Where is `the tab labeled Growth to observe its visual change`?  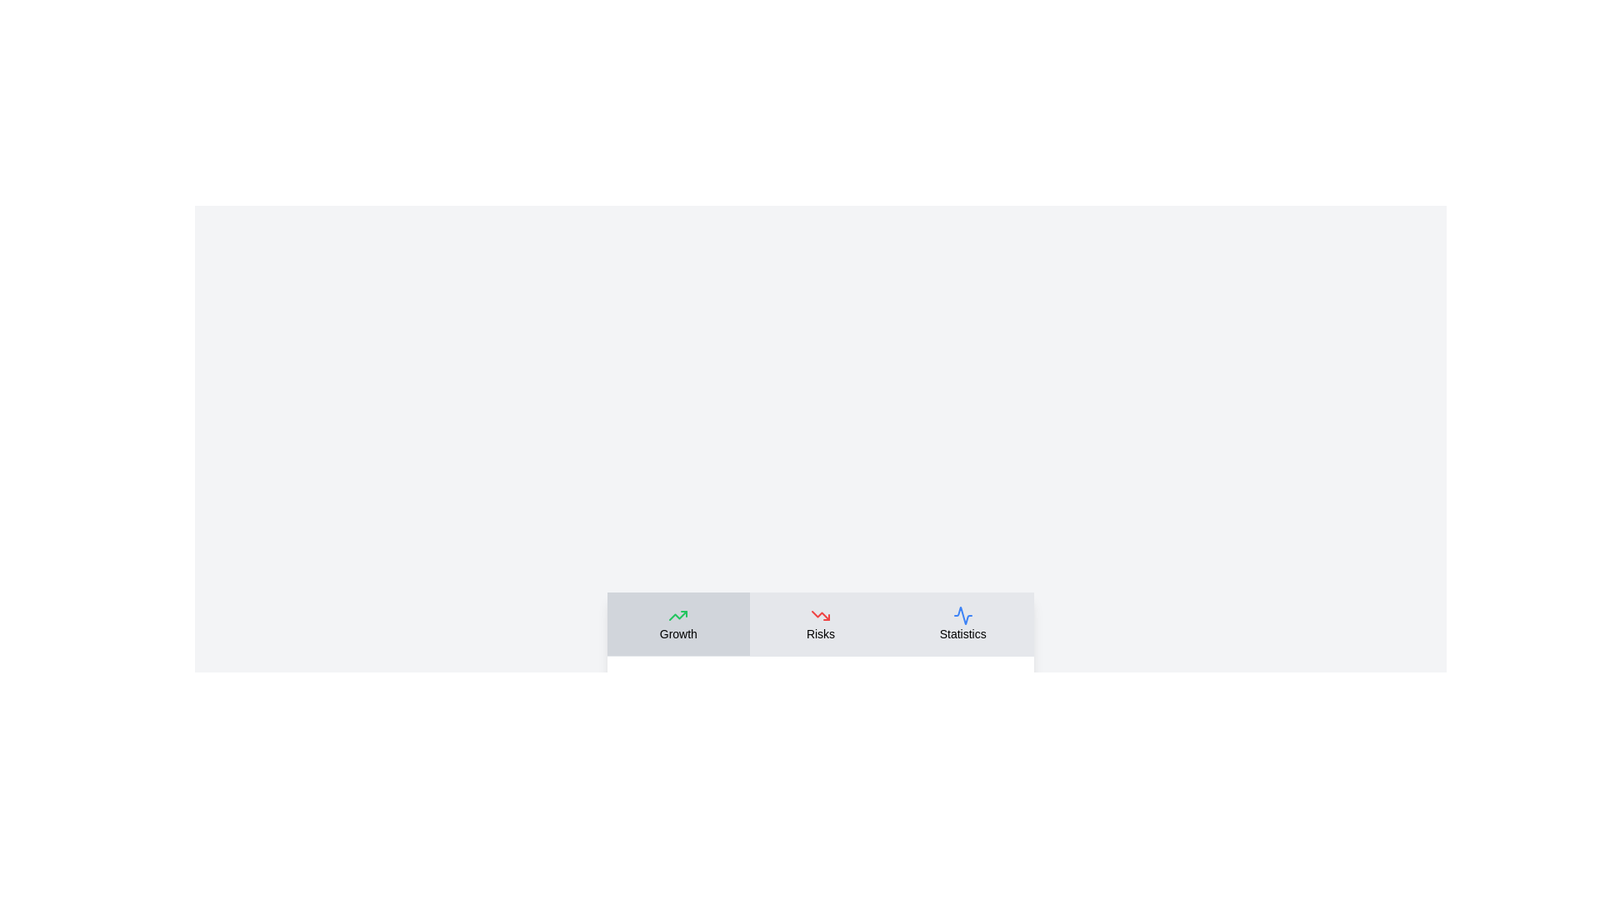 the tab labeled Growth to observe its visual change is located at coordinates (678, 623).